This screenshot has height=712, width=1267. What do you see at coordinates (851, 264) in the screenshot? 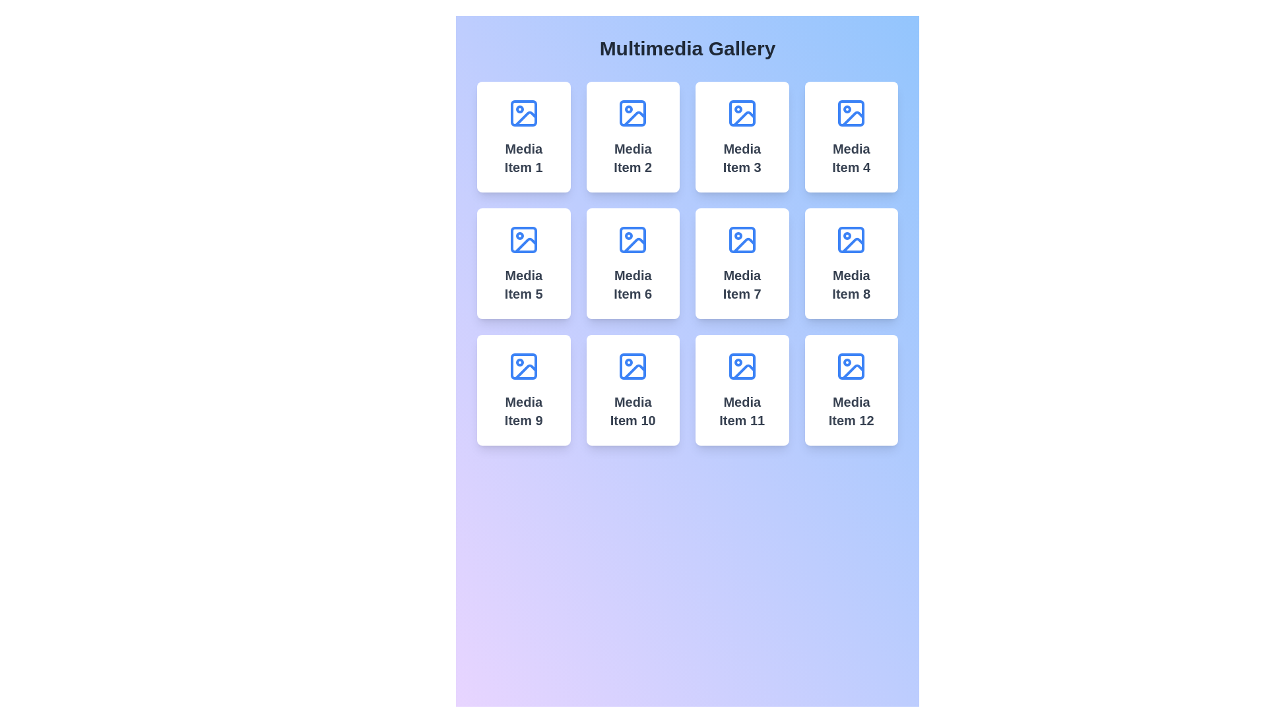
I see `the interactive media card representing 'Media Item 8' located in the fourth column and second row of the grid layout` at bounding box center [851, 264].